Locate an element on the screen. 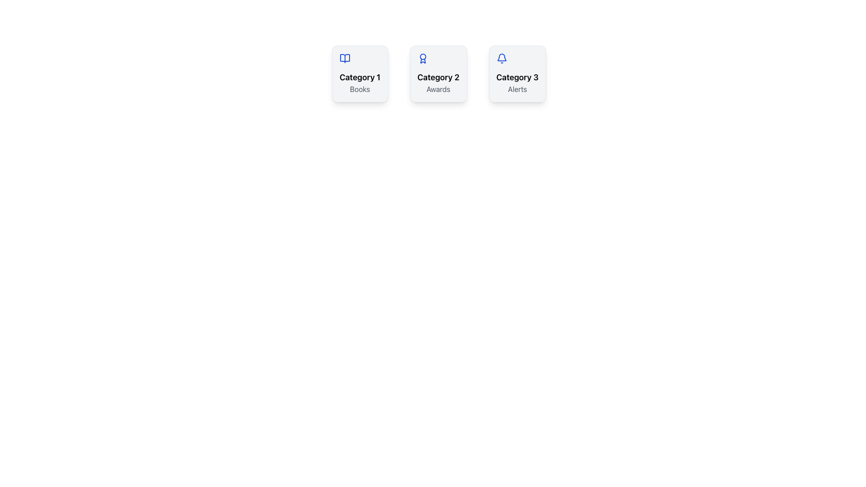  the 'Awards' category icon located in the second tile labeled 'Category 2' to get further information is located at coordinates (422, 59).